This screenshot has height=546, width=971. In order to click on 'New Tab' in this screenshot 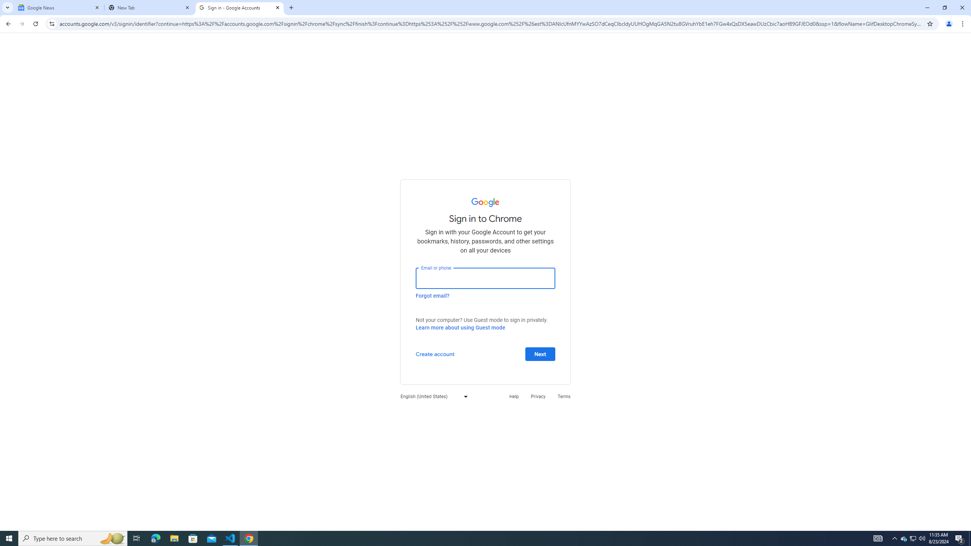, I will do `click(149, 7)`.